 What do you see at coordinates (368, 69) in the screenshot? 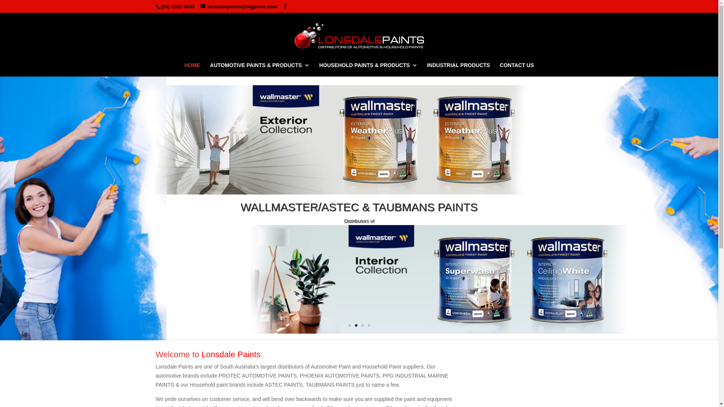
I see `'HOUSEHOLD PAINTS & PRODUCTS'` at bounding box center [368, 69].